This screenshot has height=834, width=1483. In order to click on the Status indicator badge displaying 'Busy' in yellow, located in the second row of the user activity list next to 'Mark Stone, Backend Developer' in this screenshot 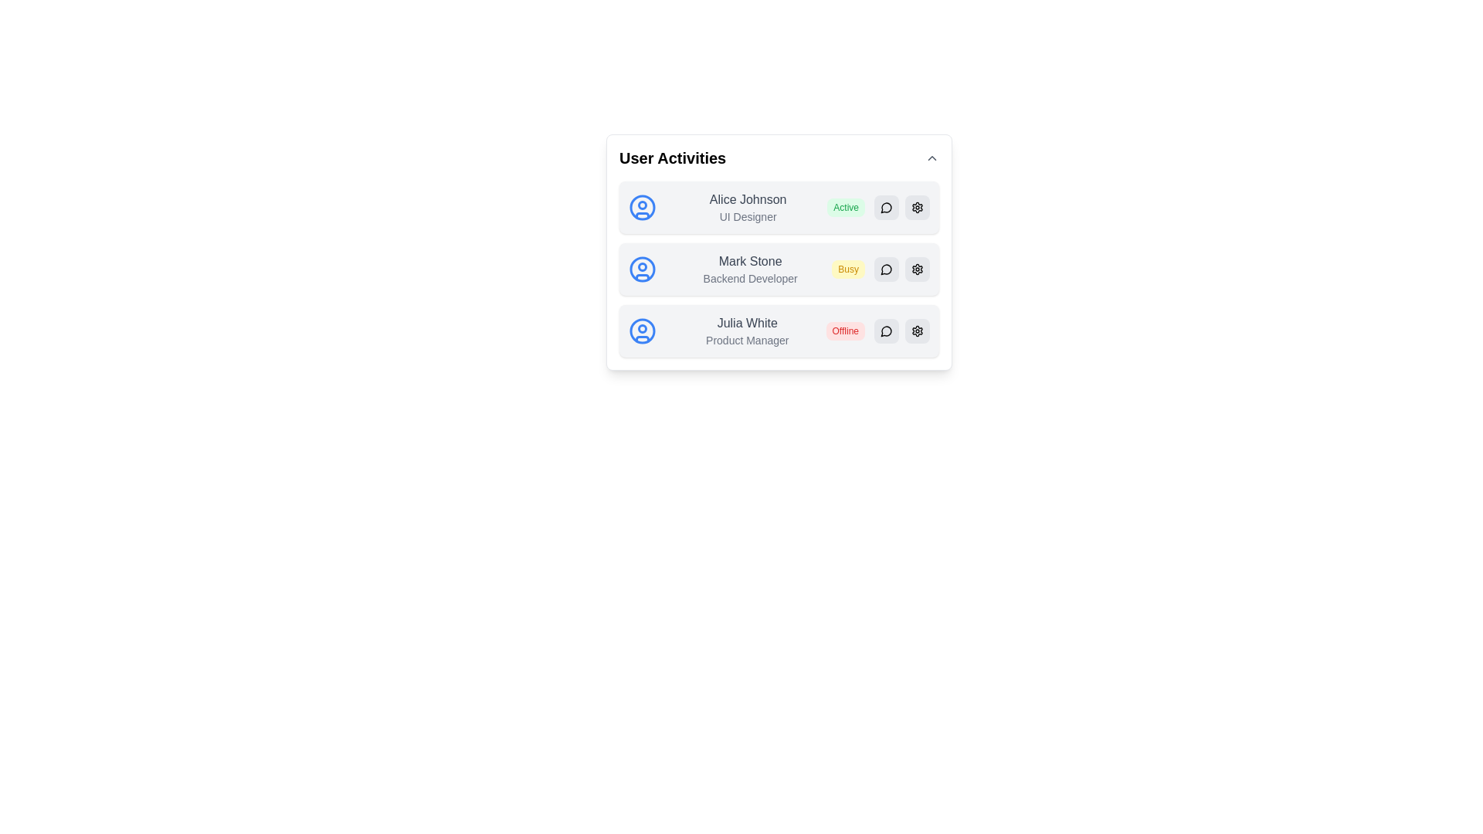, I will do `click(847, 268)`.